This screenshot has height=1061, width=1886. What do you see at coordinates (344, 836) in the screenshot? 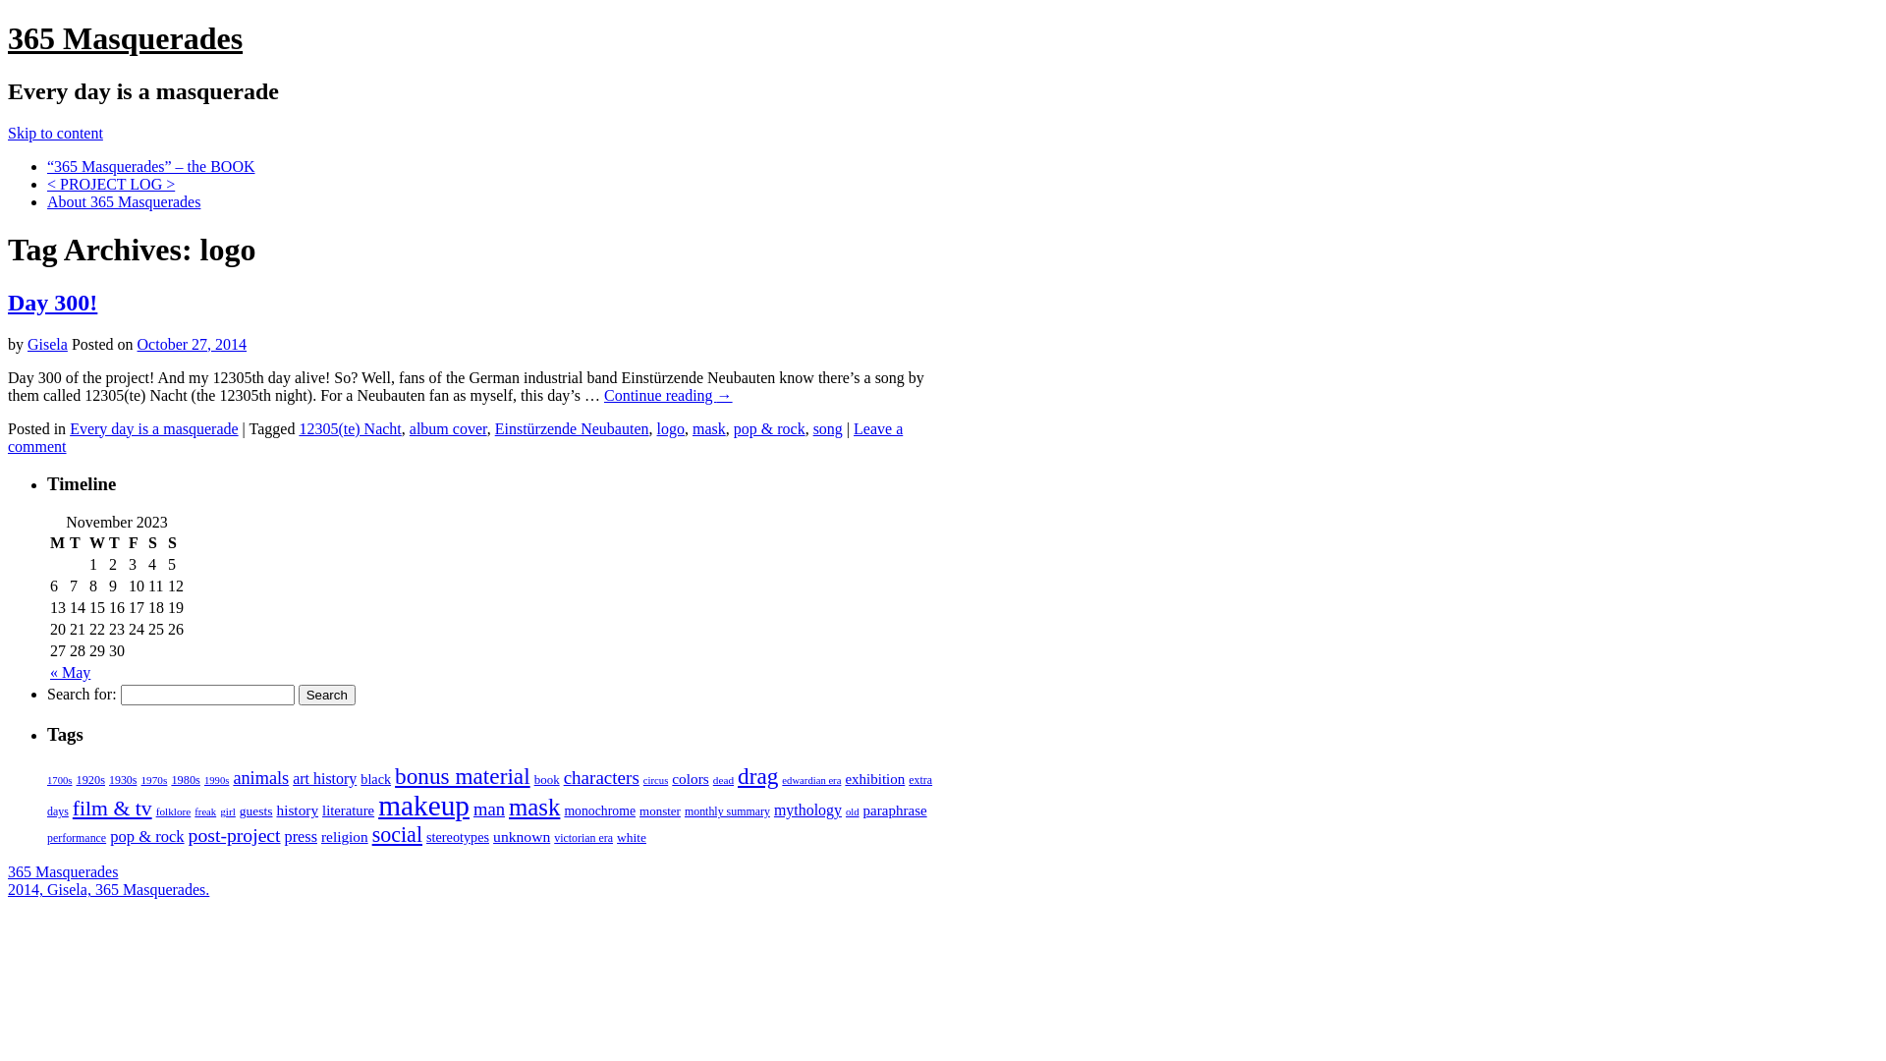
I see `'religion'` at bounding box center [344, 836].